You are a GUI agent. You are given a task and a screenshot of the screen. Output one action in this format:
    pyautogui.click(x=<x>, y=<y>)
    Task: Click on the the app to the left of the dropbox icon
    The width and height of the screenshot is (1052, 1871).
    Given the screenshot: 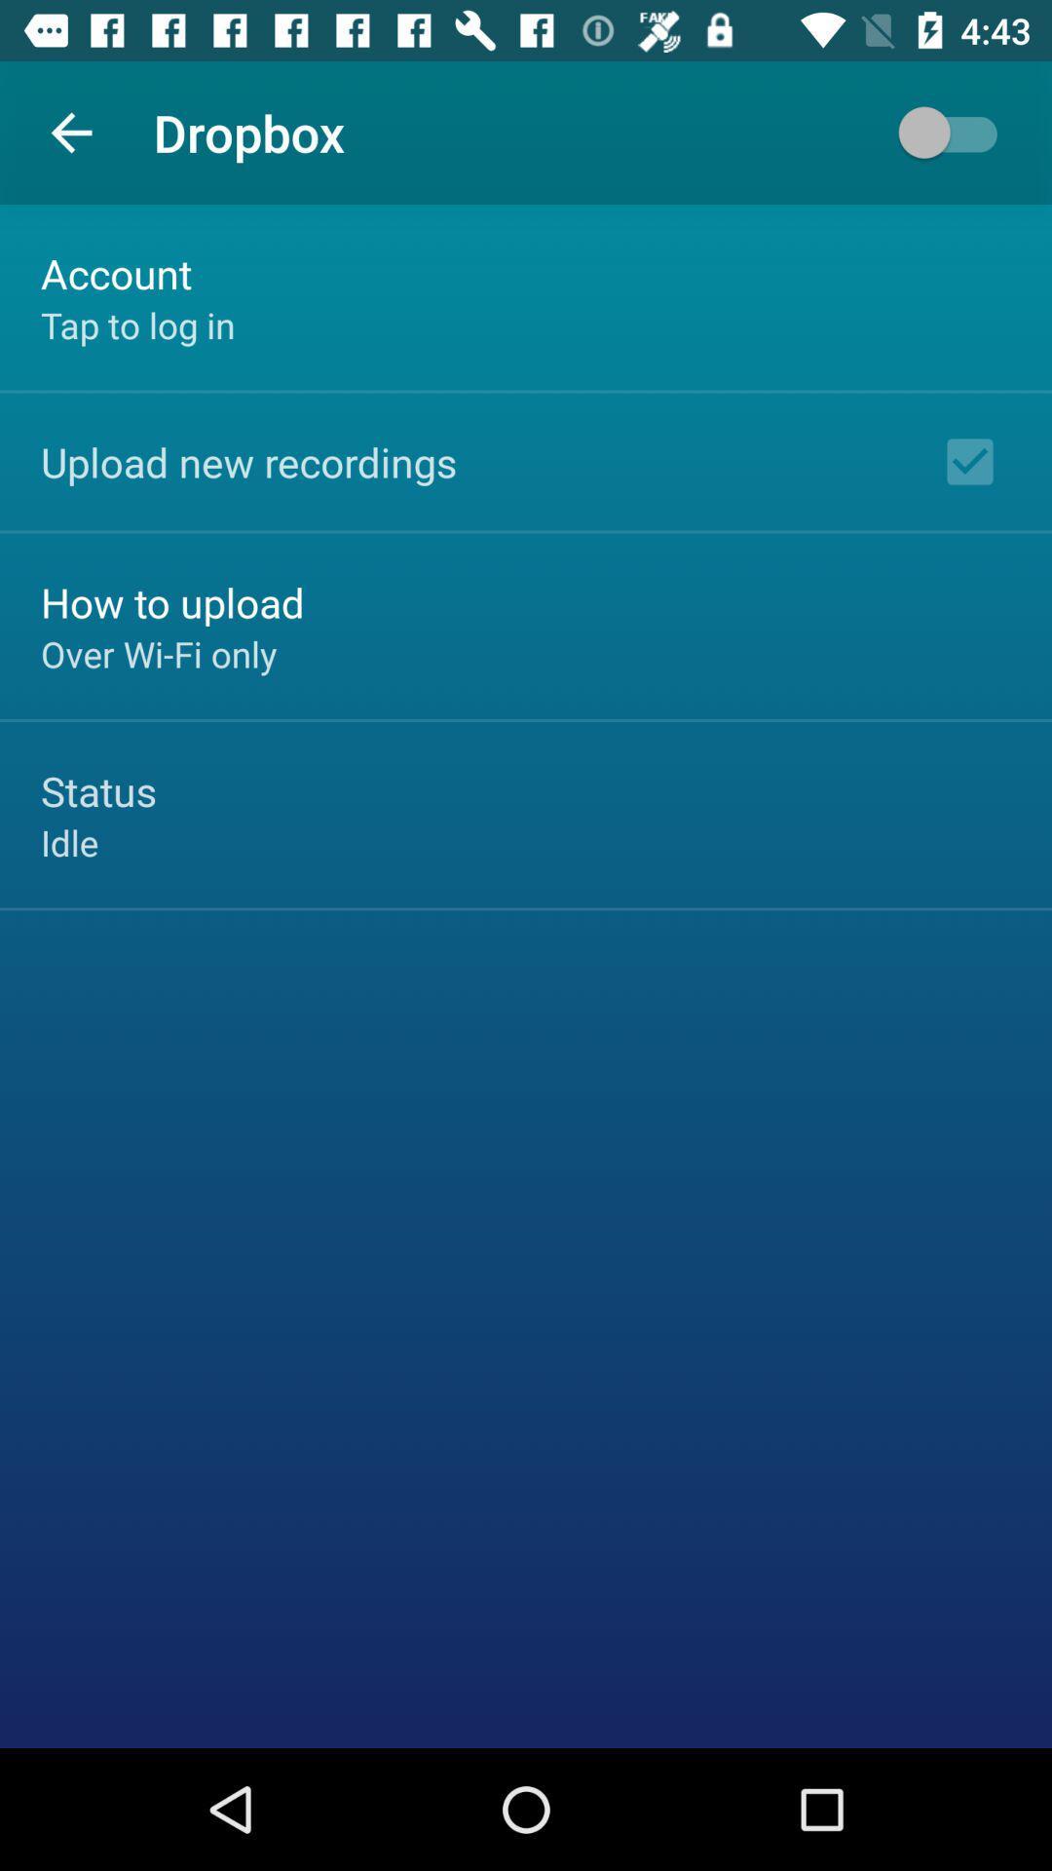 What is the action you would take?
    pyautogui.click(x=70, y=132)
    